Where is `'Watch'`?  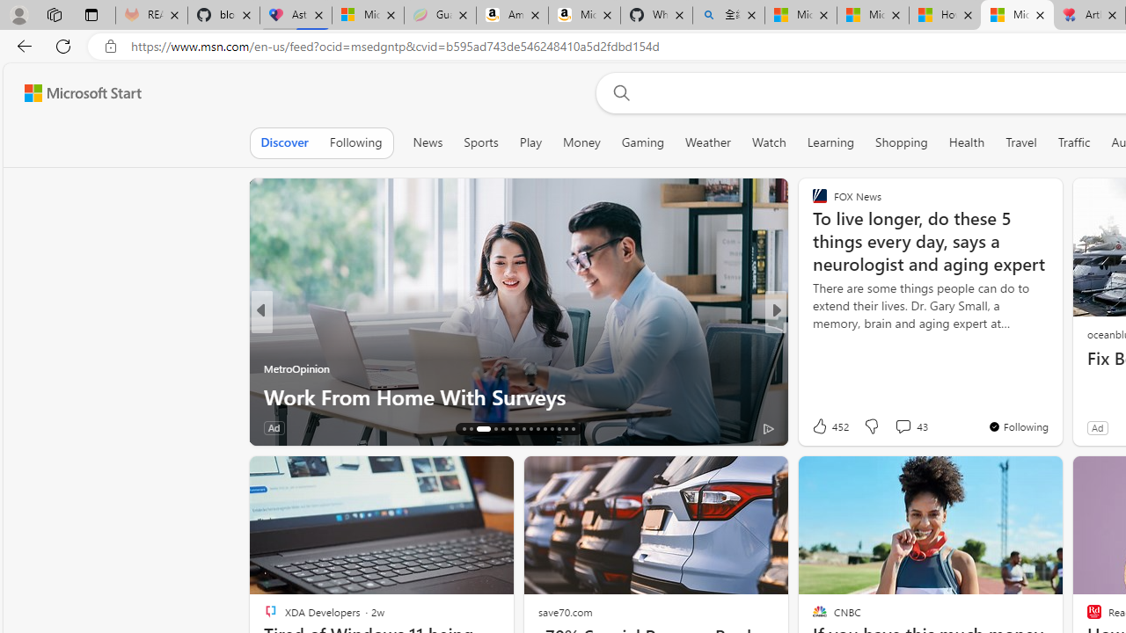
'Watch' is located at coordinates (769, 142).